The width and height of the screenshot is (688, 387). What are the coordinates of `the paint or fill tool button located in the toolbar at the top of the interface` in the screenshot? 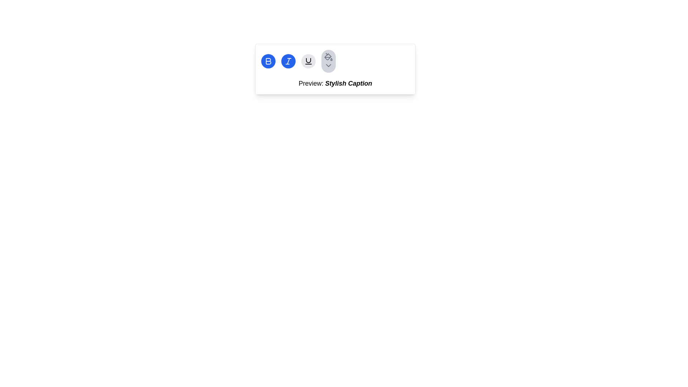 It's located at (328, 56).